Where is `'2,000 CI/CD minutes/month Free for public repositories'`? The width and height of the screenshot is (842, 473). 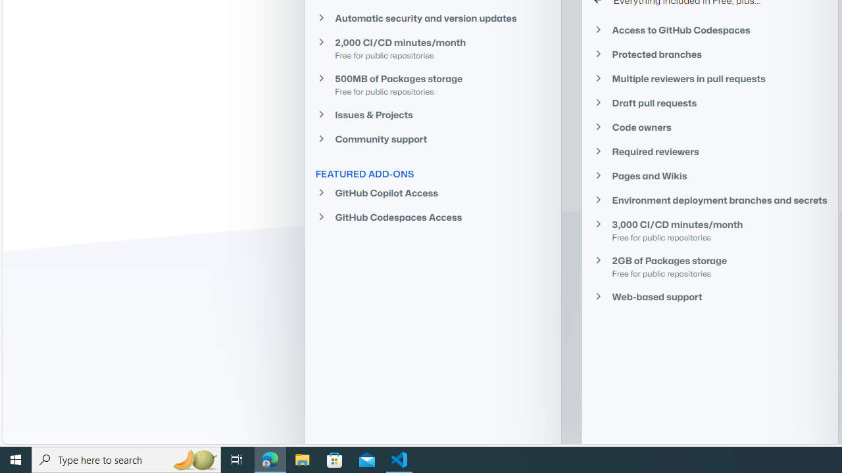 '2,000 CI/CD minutes/month Free for public repositories' is located at coordinates (432, 48).